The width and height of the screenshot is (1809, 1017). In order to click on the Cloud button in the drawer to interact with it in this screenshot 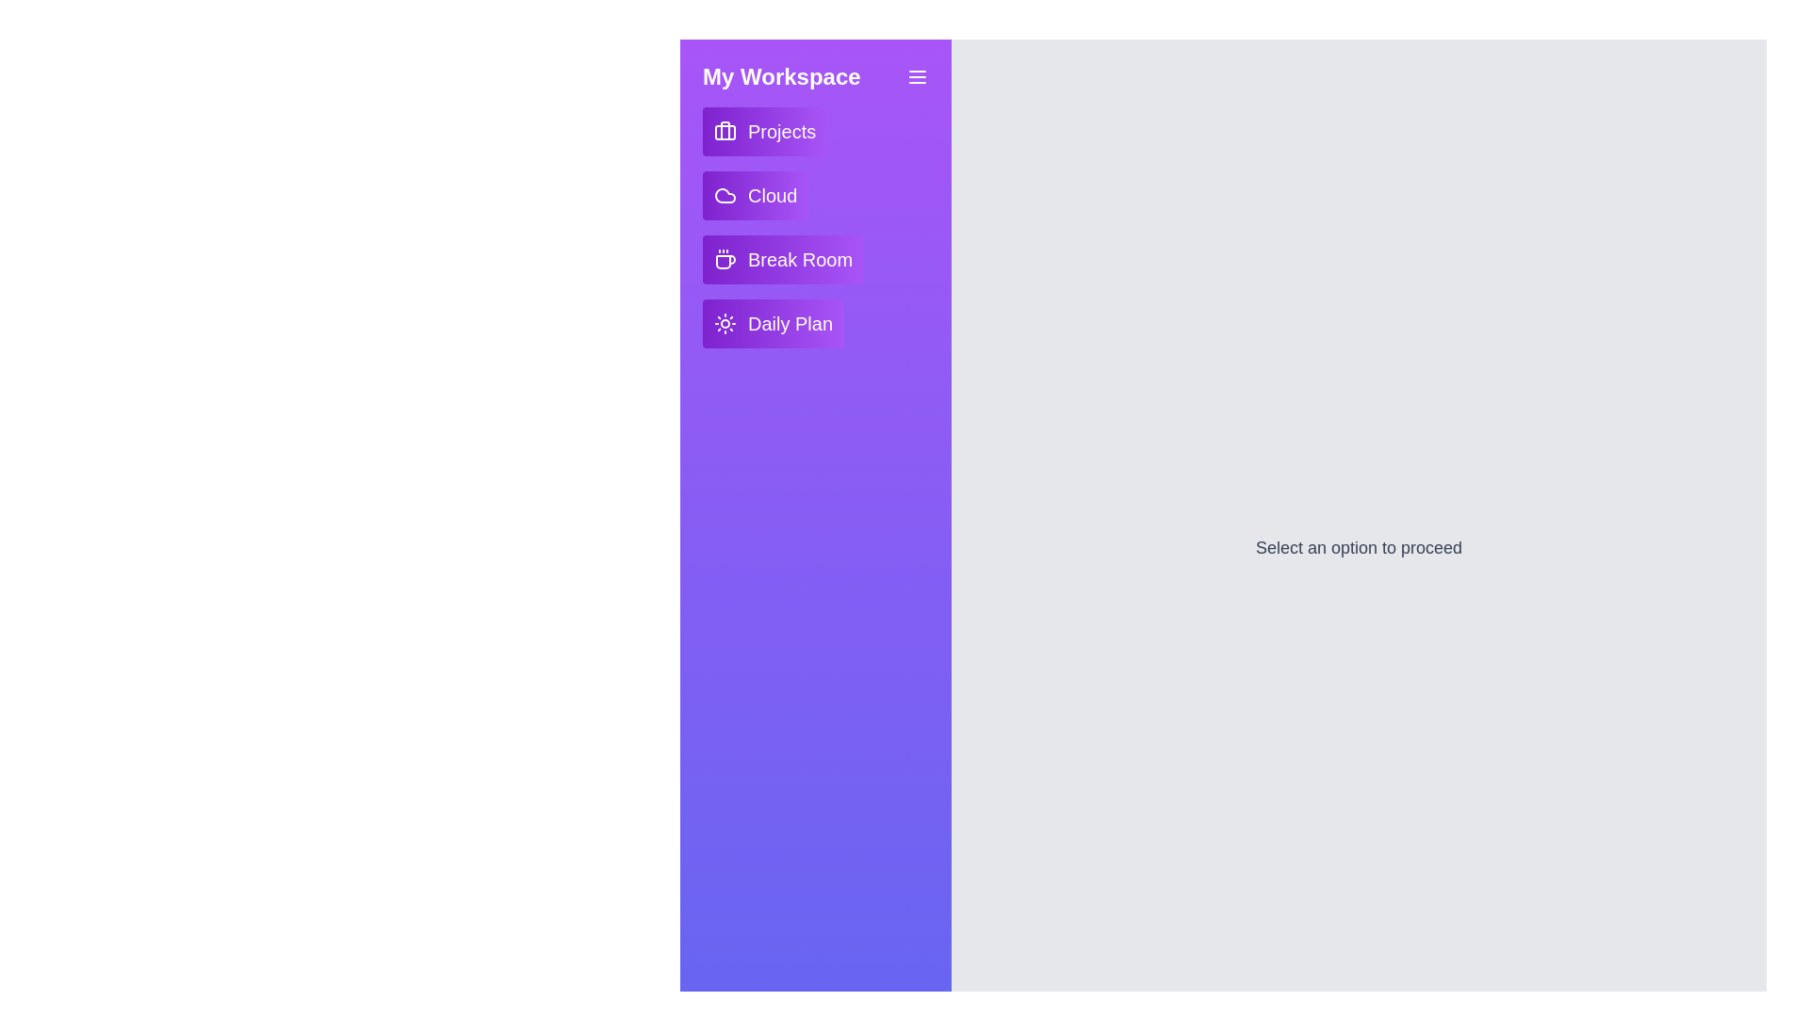, I will do `click(755, 196)`.